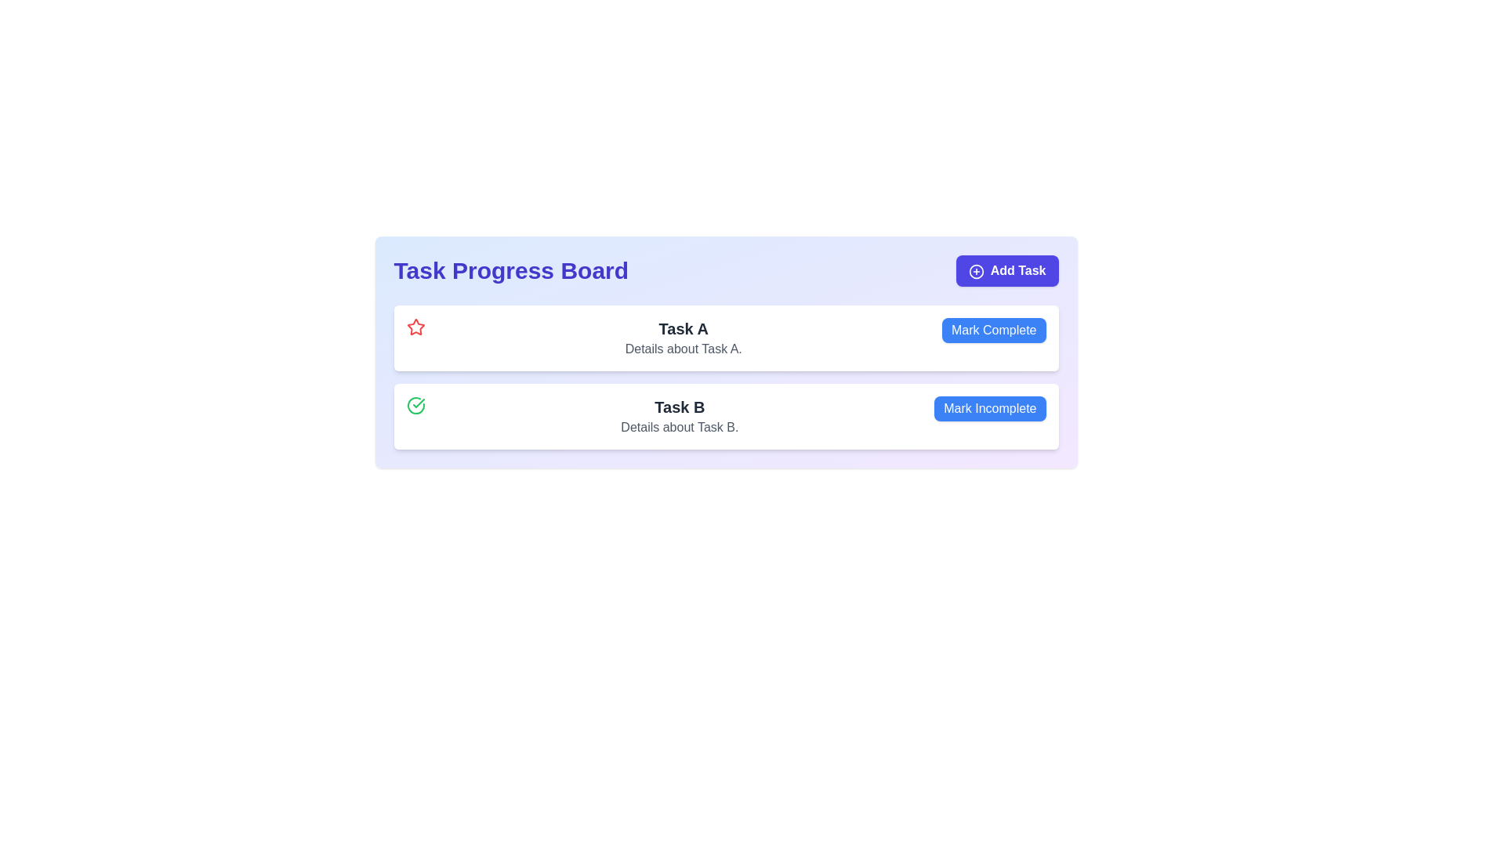 This screenshot has width=1505, height=846. What do you see at coordinates (680, 428) in the screenshot?
I see `the static text label providing details for the task labeled 'Task B', located within its task card below the main task title` at bounding box center [680, 428].